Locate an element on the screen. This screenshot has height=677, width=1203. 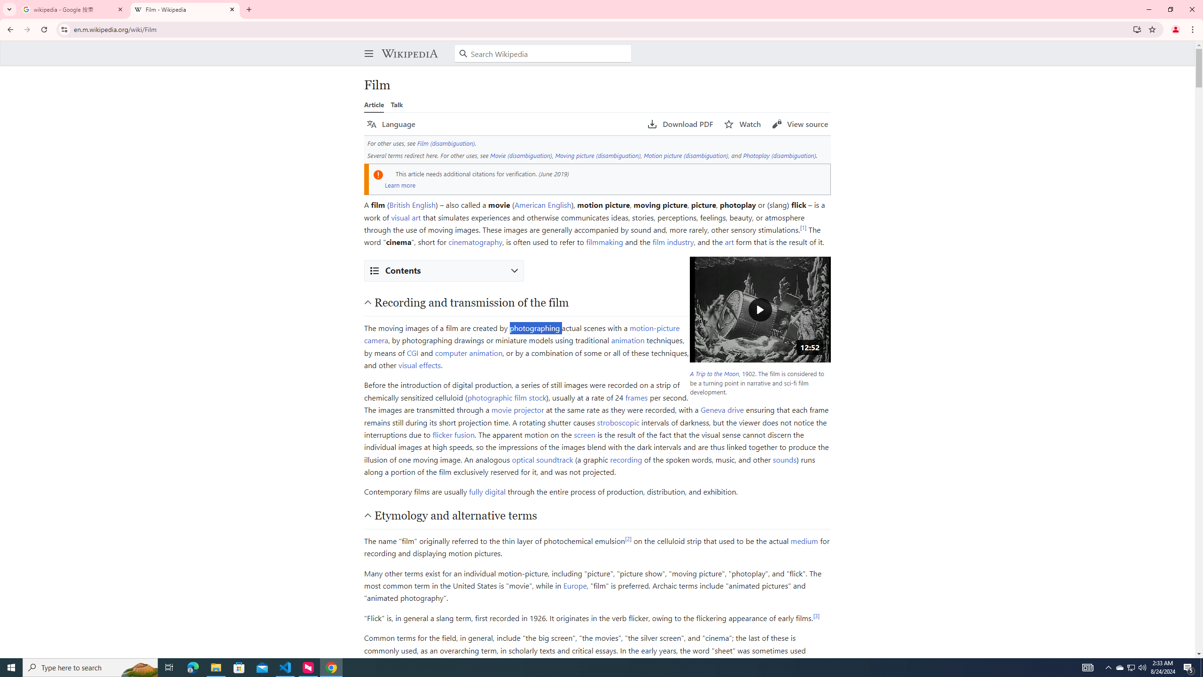
'visual art' is located at coordinates (406, 216).